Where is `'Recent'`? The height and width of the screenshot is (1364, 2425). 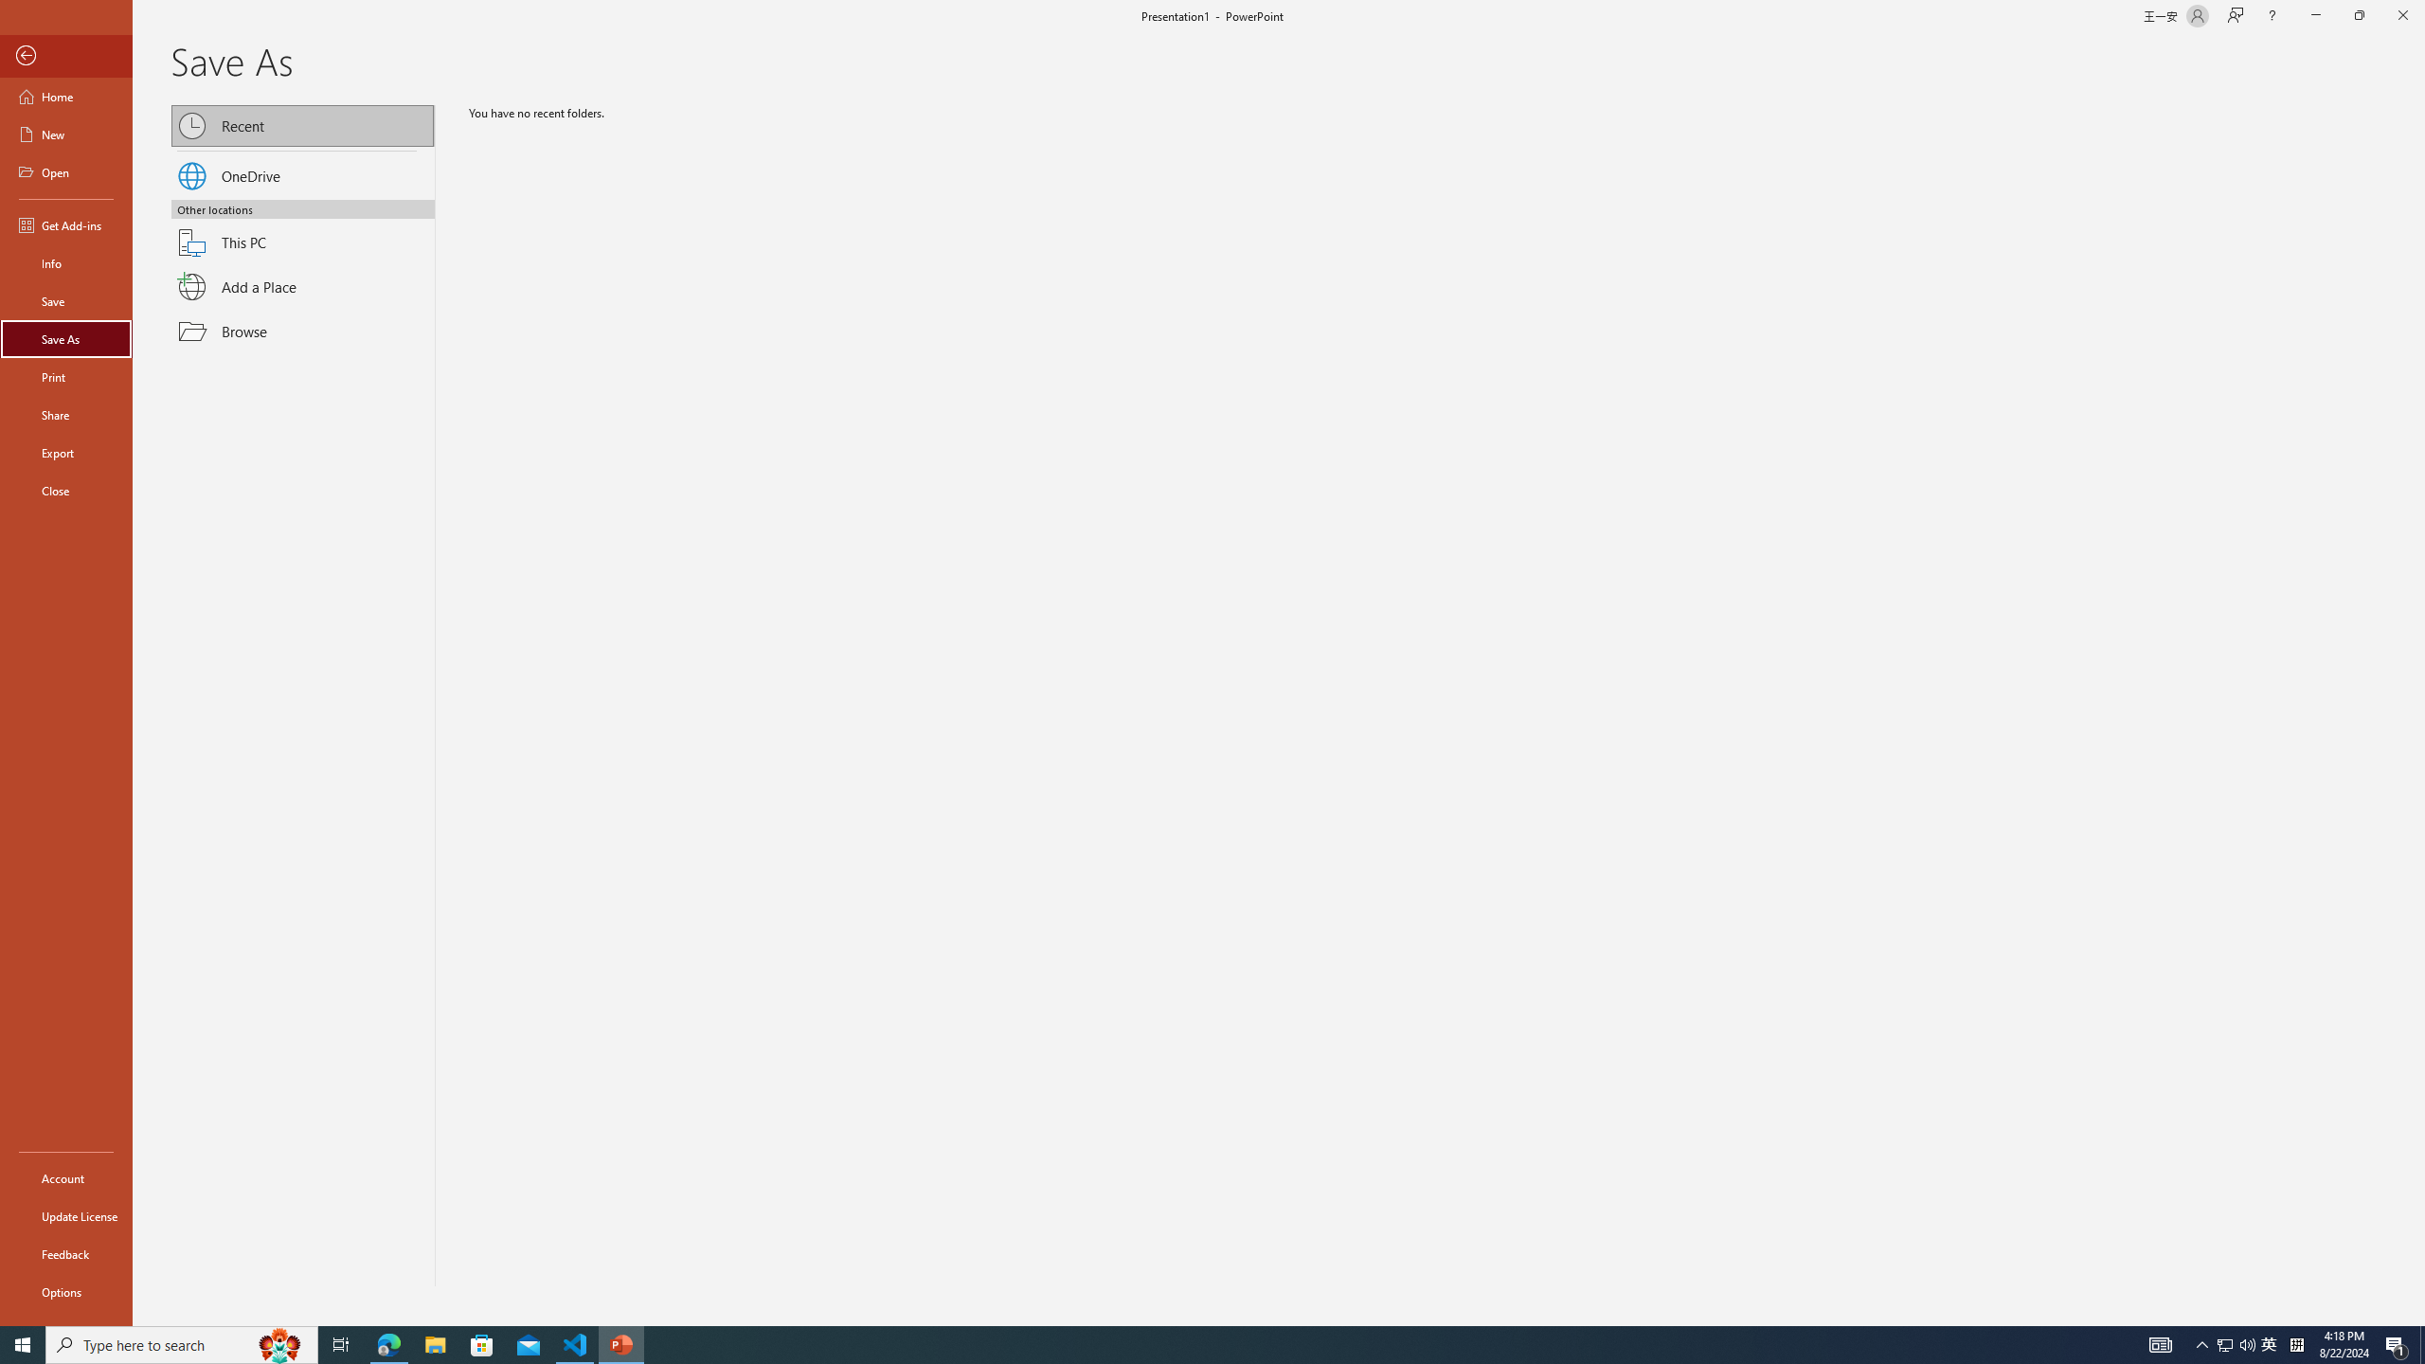 'Recent' is located at coordinates (304, 126).